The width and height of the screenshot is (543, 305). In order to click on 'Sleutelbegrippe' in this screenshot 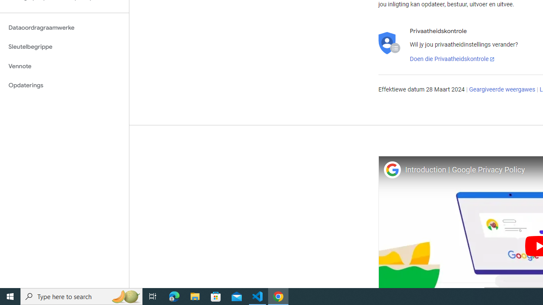, I will do `click(64, 47)`.